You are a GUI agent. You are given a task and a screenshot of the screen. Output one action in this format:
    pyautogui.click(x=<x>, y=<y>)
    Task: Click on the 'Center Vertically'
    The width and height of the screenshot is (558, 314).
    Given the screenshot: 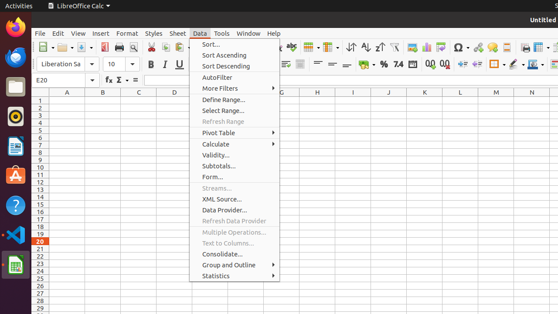 What is the action you would take?
    pyautogui.click(x=332, y=64)
    